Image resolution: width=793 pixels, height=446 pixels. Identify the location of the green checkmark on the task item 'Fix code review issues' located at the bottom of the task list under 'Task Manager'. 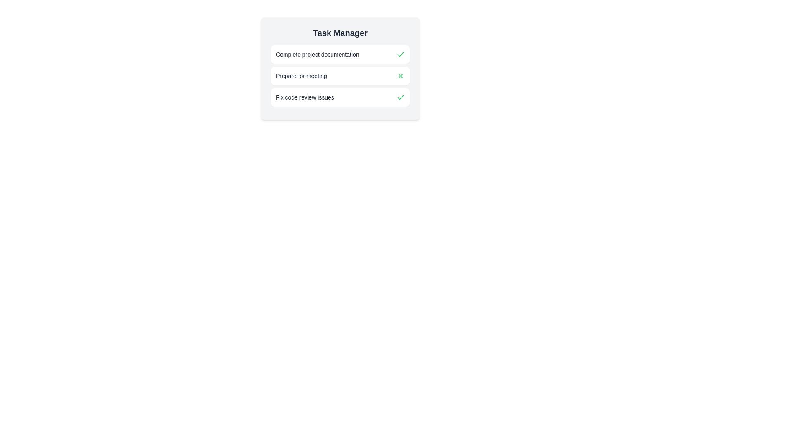
(340, 97).